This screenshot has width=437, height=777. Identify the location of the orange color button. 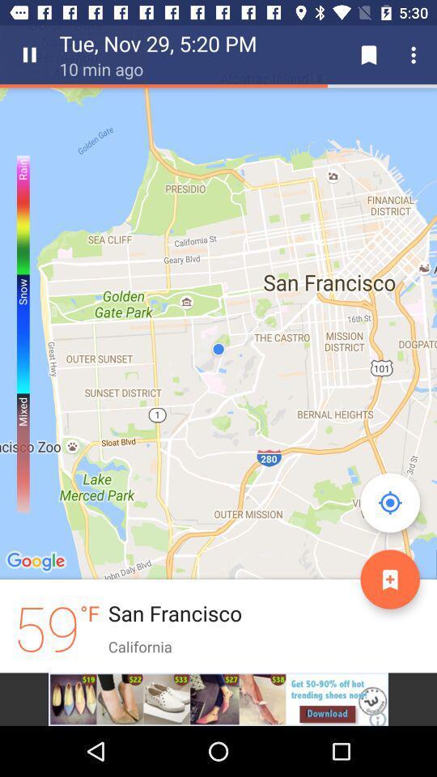
(389, 579).